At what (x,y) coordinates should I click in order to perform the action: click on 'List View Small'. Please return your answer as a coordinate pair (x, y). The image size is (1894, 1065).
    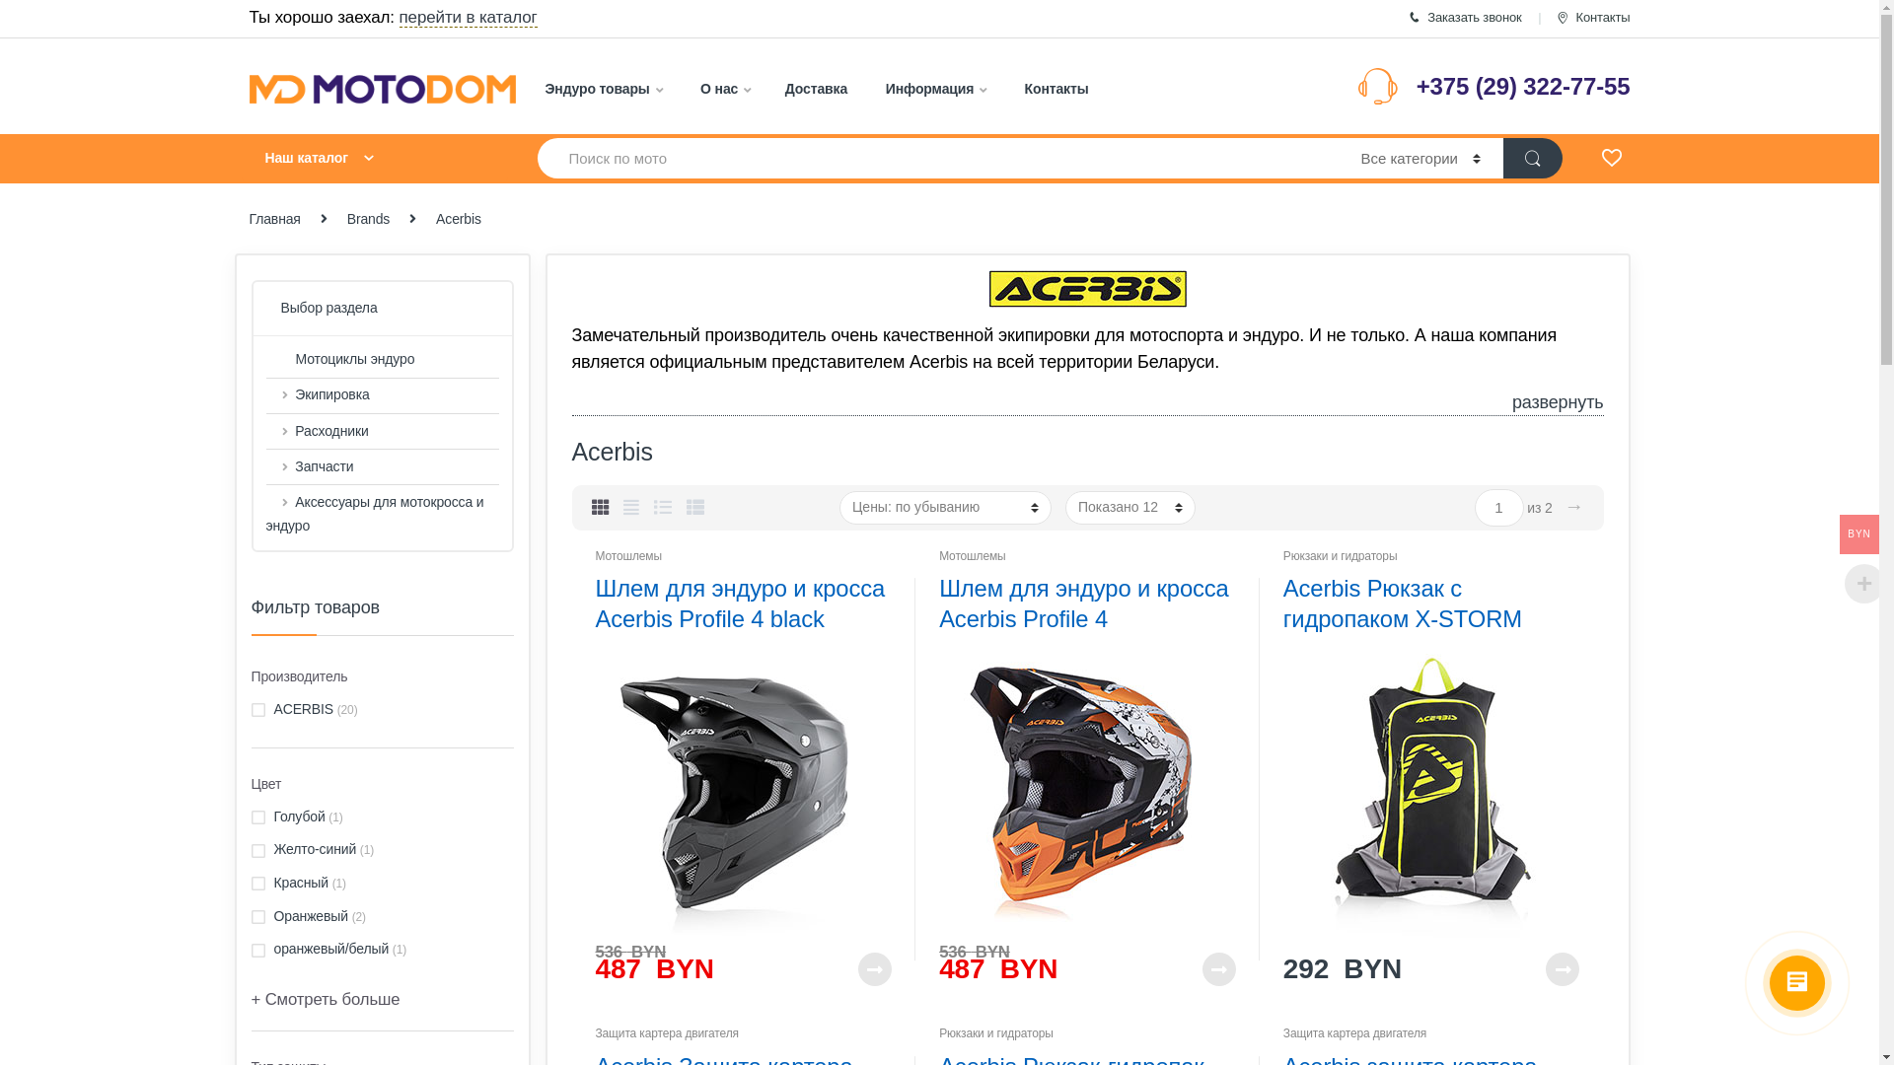
    Looking at the image, I should click on (695, 507).